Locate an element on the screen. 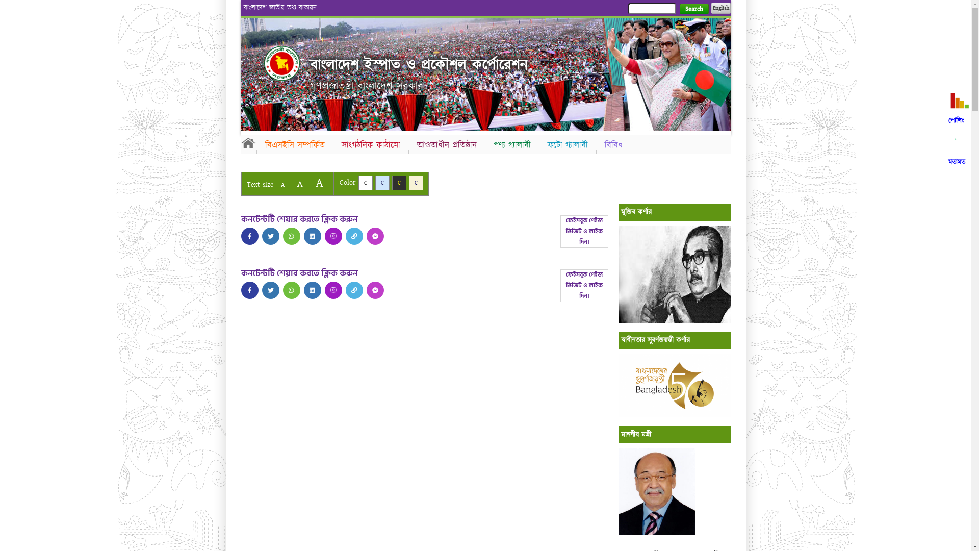 The height and width of the screenshot is (551, 979). 'A' is located at coordinates (318, 182).